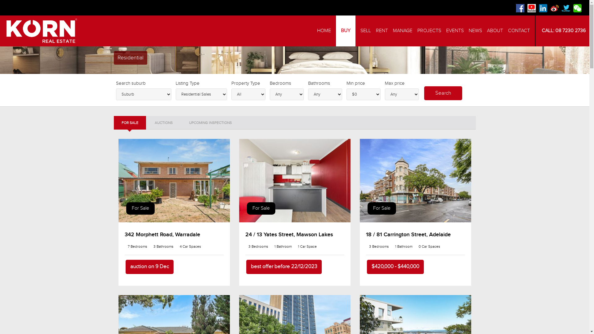 The width and height of the screenshot is (594, 334). Describe the element at coordinates (395, 267) in the screenshot. I see `'$420,000 - $440,000'` at that location.